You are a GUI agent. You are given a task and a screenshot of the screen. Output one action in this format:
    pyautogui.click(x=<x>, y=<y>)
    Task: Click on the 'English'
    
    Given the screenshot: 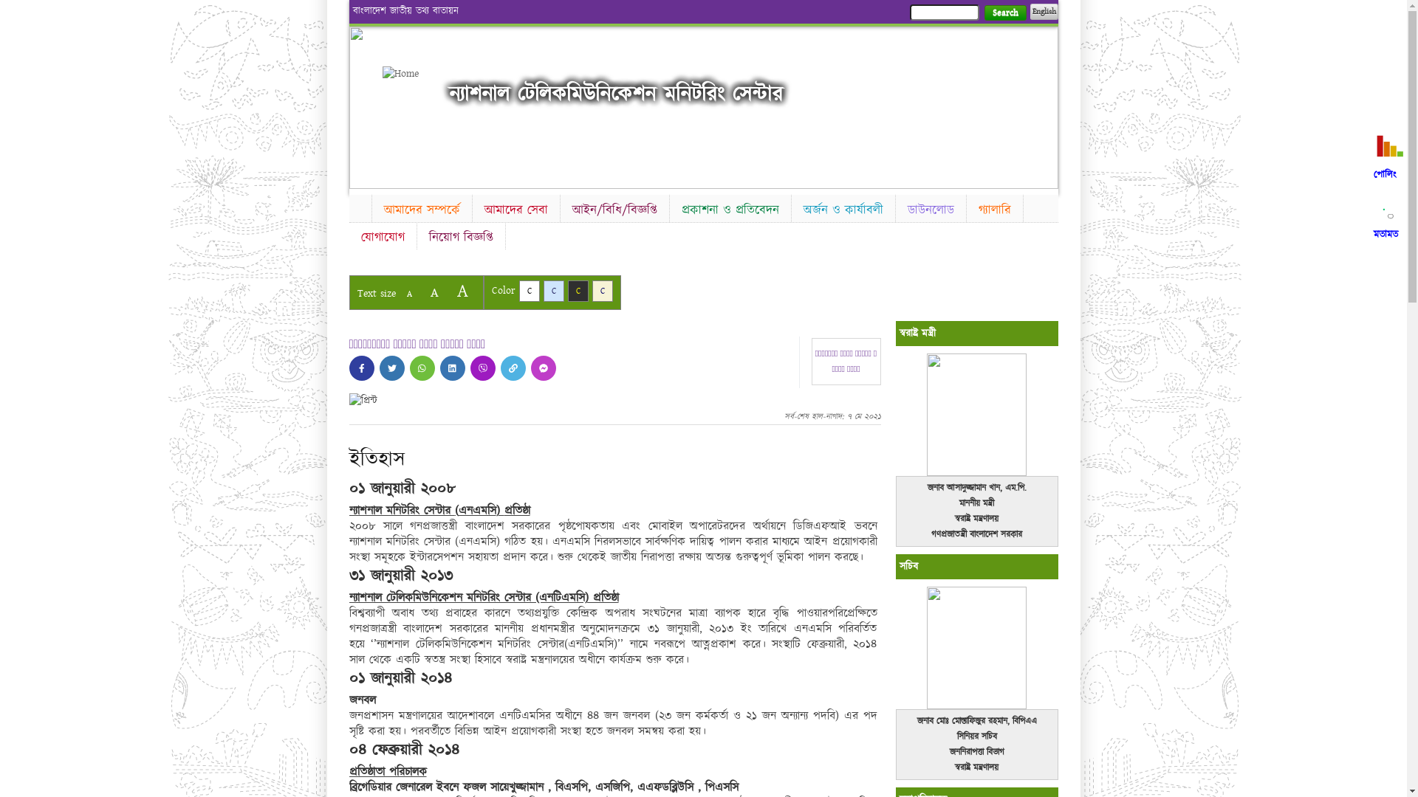 What is the action you would take?
    pyautogui.click(x=1042, y=11)
    